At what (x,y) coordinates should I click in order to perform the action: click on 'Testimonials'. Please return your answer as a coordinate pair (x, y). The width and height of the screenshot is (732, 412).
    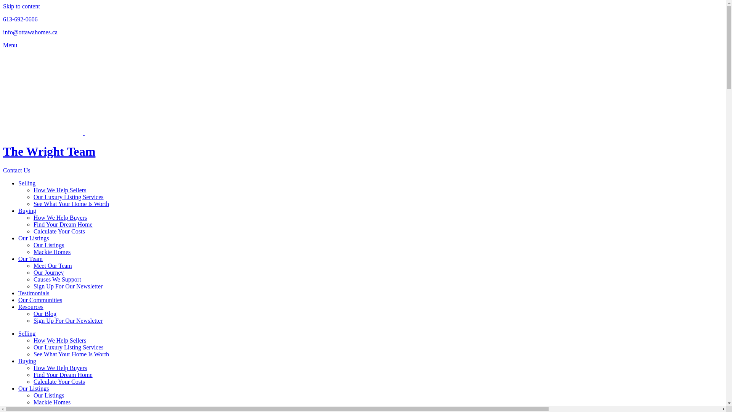
    Looking at the image, I should click on (34, 293).